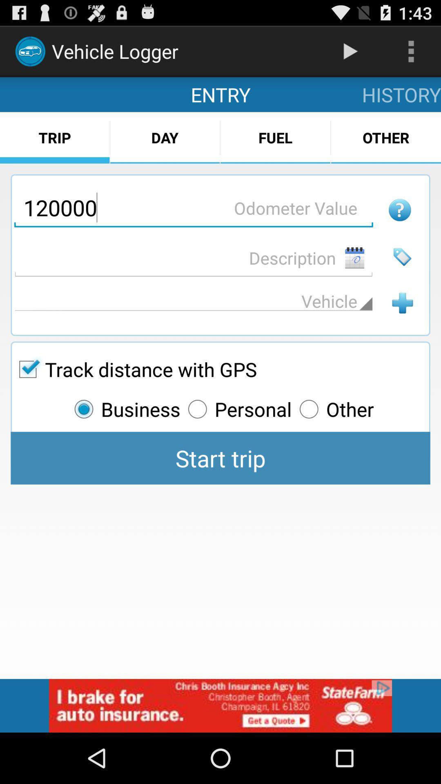  What do you see at coordinates (402, 275) in the screenshot?
I see `the label icon` at bounding box center [402, 275].